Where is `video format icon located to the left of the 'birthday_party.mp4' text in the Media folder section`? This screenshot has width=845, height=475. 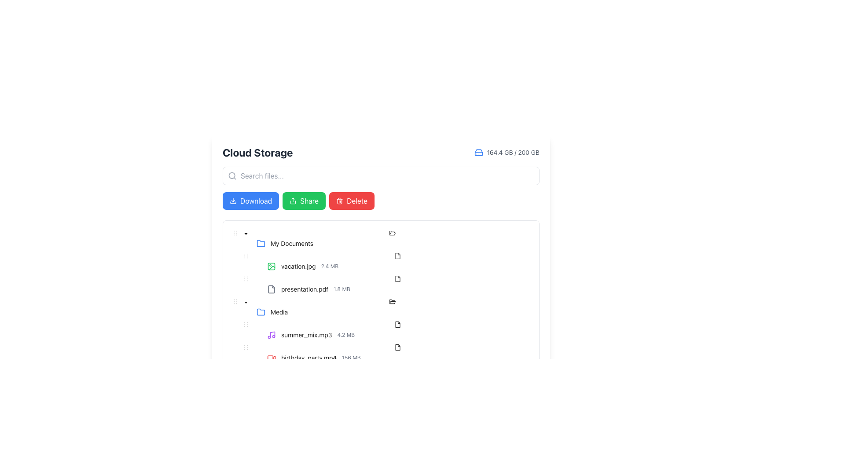 video format icon located to the left of the 'birthday_party.mp4' text in the Media folder section is located at coordinates (271, 358).